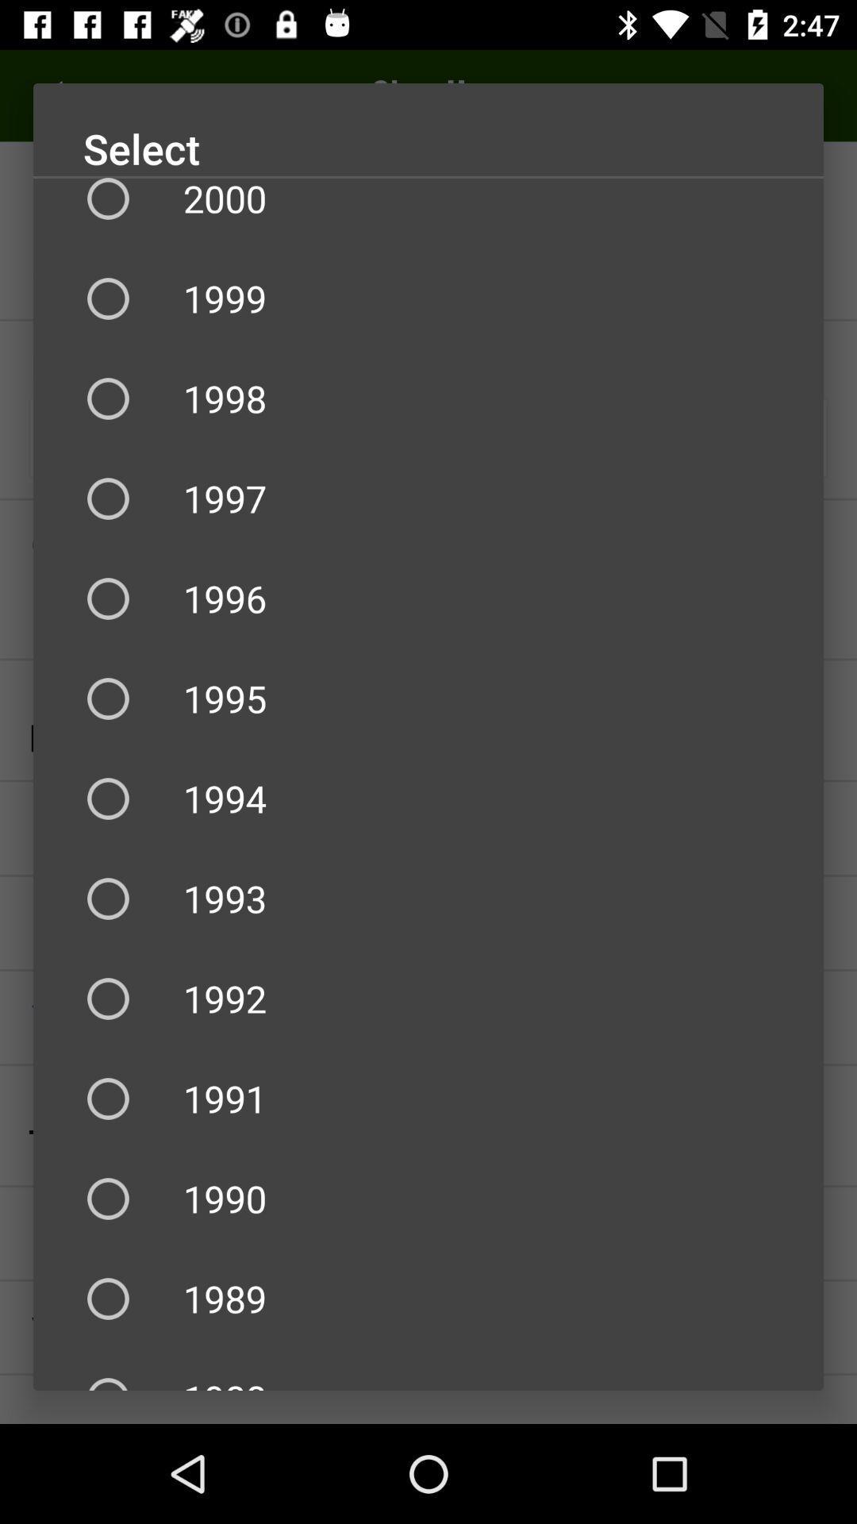 Image resolution: width=857 pixels, height=1524 pixels. What do you see at coordinates (428, 899) in the screenshot?
I see `the item below 1994` at bounding box center [428, 899].